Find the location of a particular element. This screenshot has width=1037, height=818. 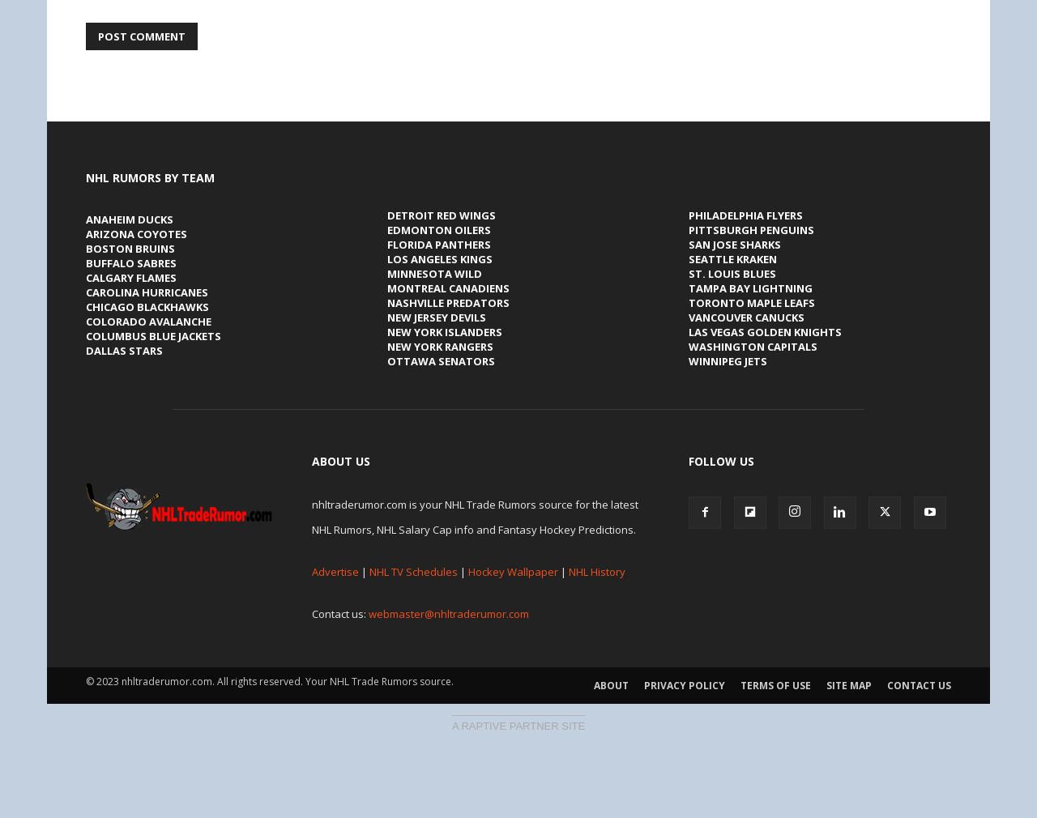

'Winnipeg Jets' is located at coordinates (689, 360).